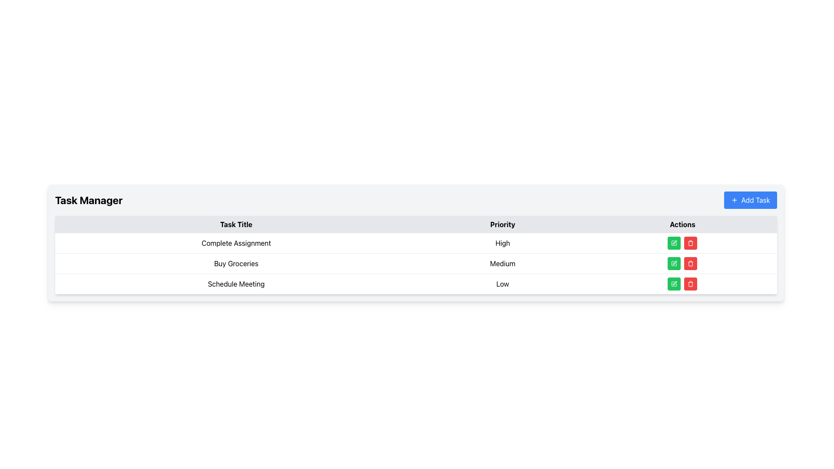 The image size is (834, 469). I want to click on the red delete button in the action area for the 'Buy Groceries' task, so click(682, 263).